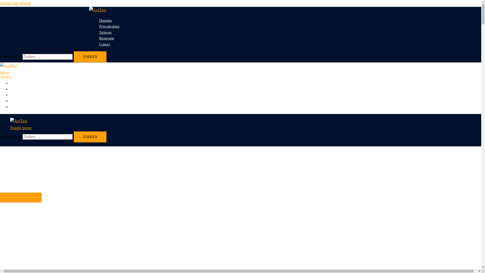 This screenshot has height=273, width=485. I want to click on 'Zoeken', so click(90, 137).